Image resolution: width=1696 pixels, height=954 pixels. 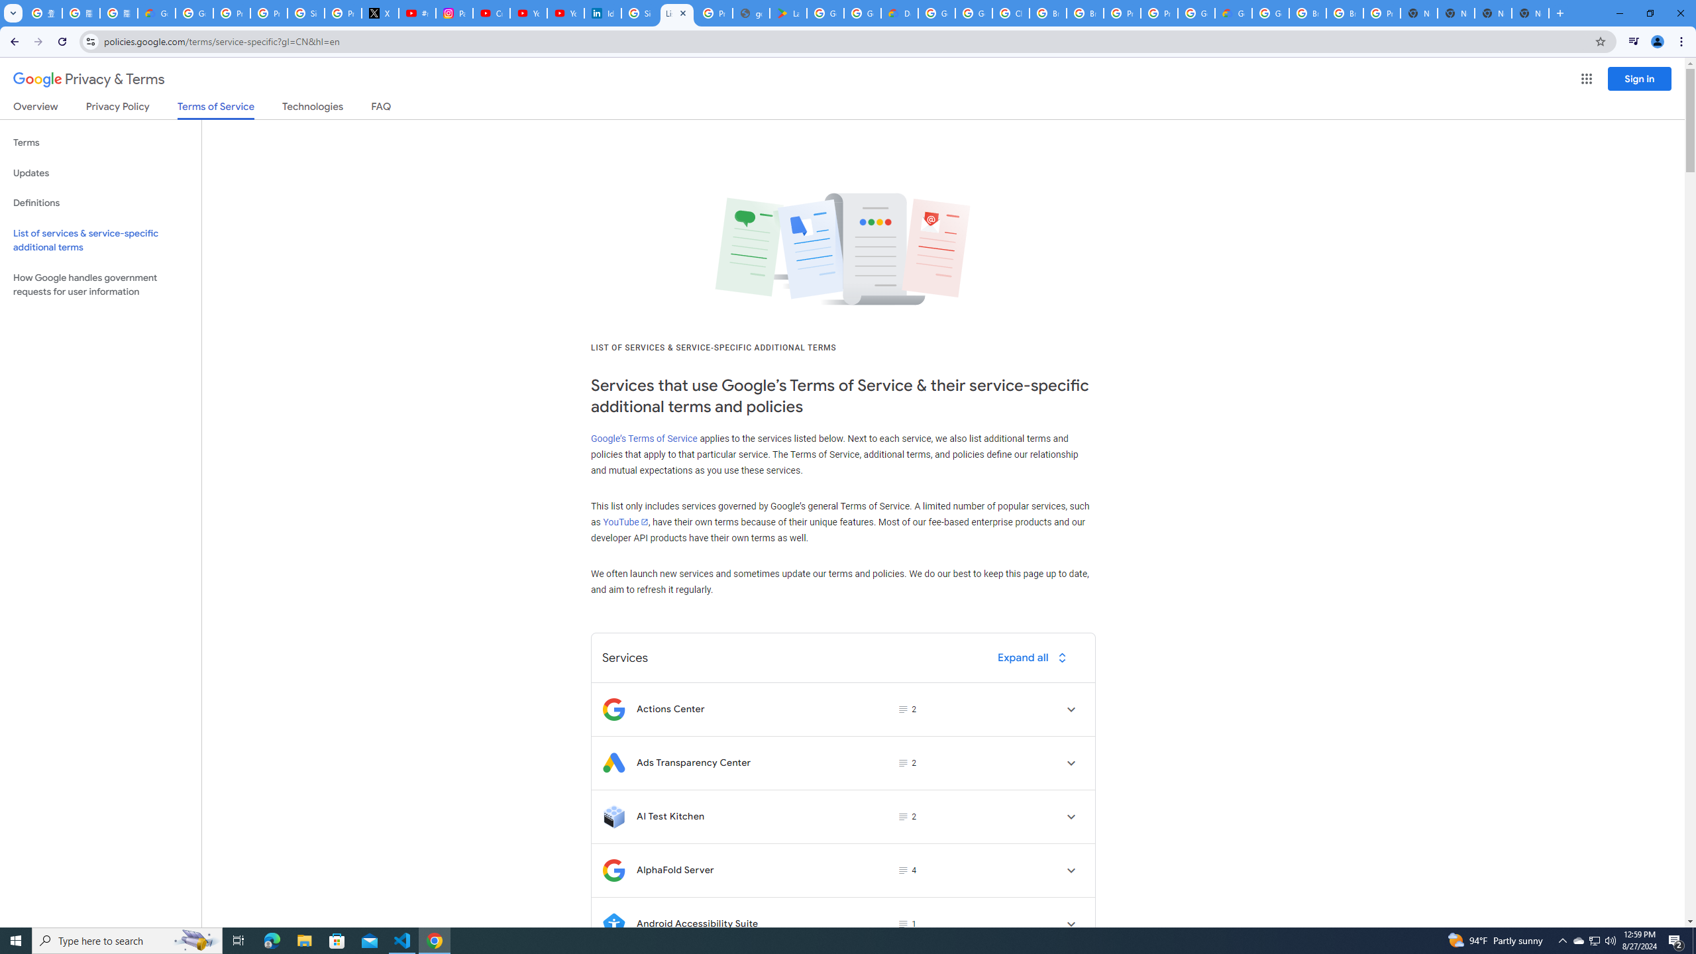 What do you see at coordinates (1270, 13) in the screenshot?
I see `'Google Cloud Platform'` at bounding box center [1270, 13].